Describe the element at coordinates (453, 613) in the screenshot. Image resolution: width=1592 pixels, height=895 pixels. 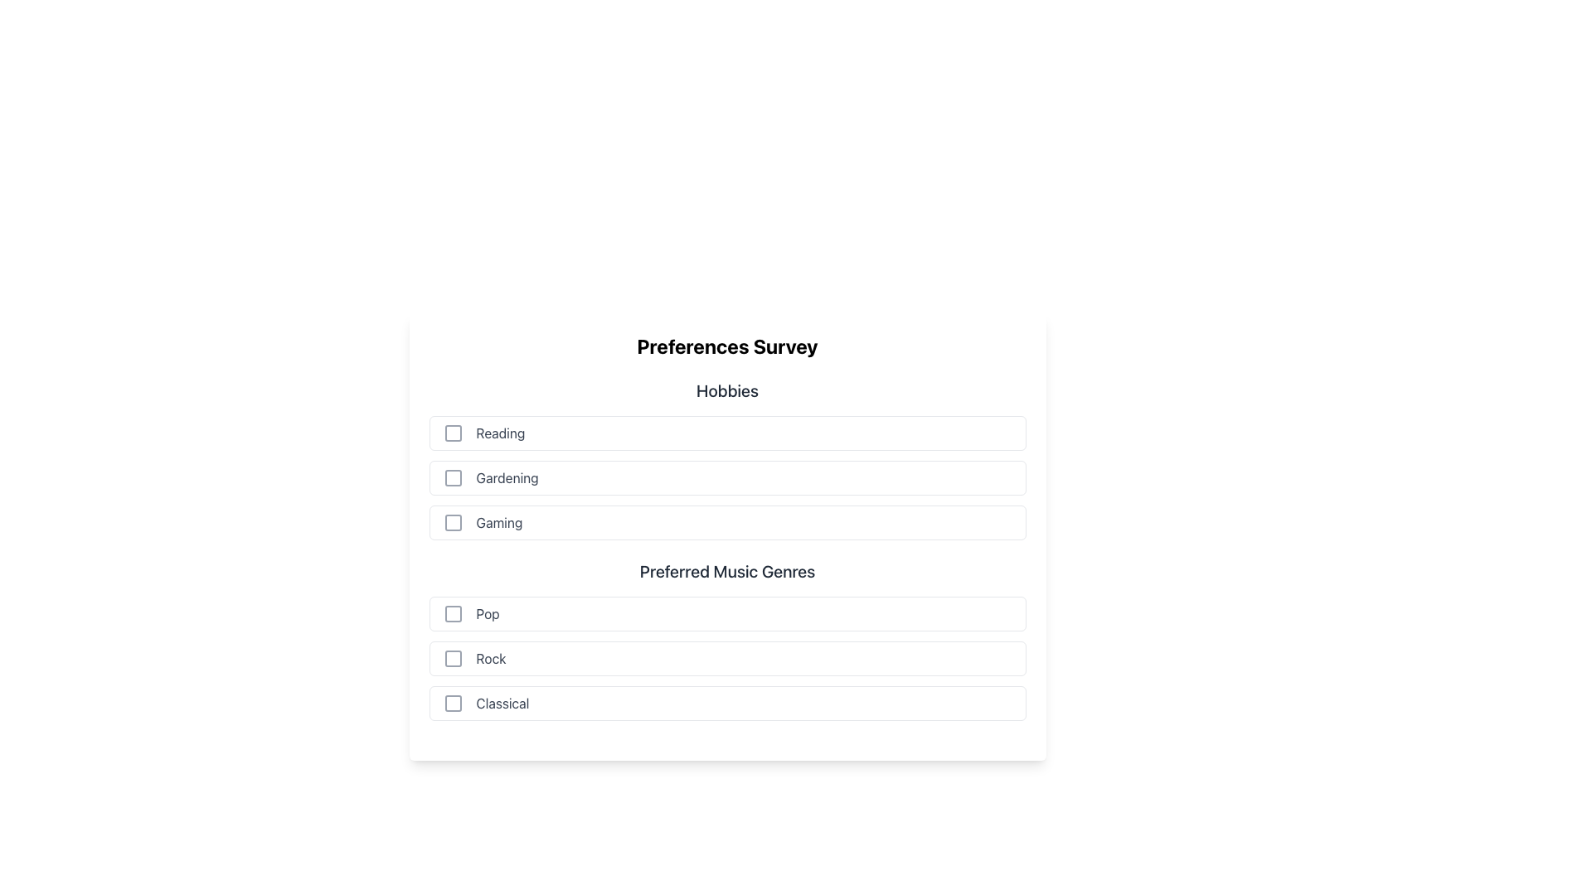
I see `the gray square icon with a minimalistic design located in the 'Preferred Music Genres' section, positioned to the left of the 'Pop' label` at that location.